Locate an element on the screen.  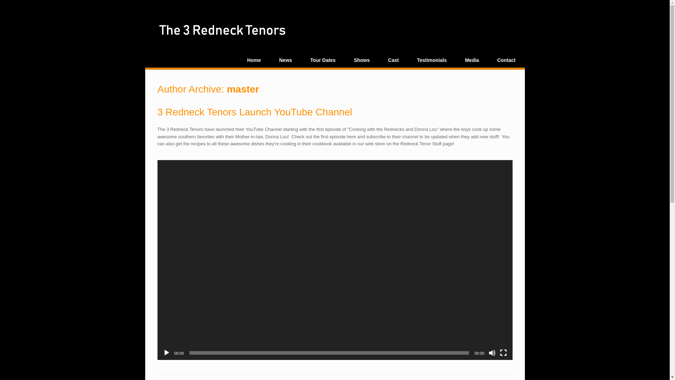
'Cast' is located at coordinates (379, 59).